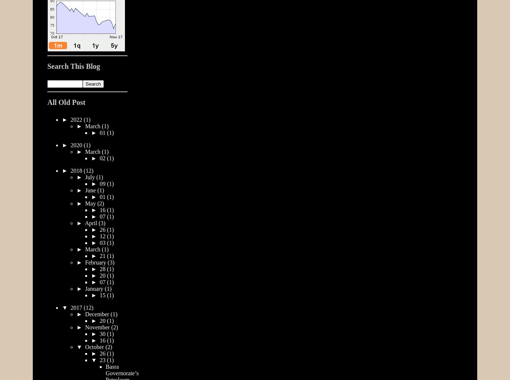 This screenshot has height=380, width=510. I want to click on '23', so click(103, 360).